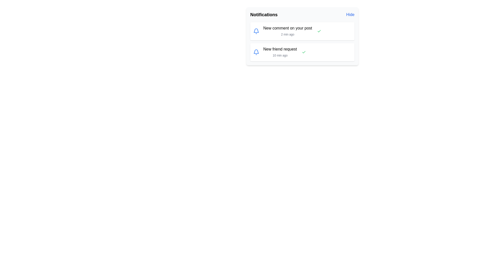  What do you see at coordinates (280, 49) in the screenshot?
I see `the non-interactive text element displaying 'New friend request', which is located underneath the 'New comment on your post' notification in the notification panel` at bounding box center [280, 49].